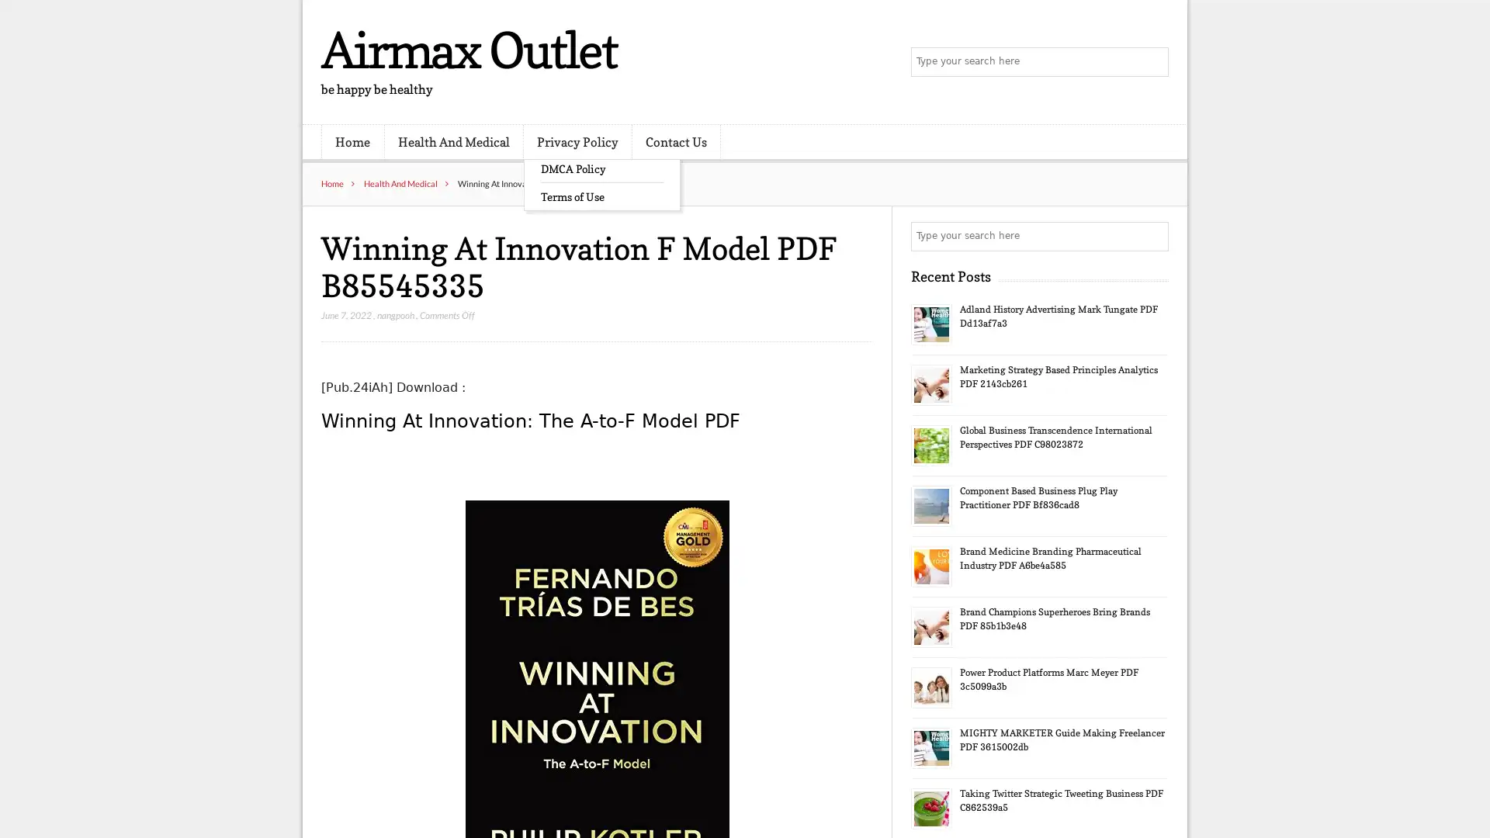 The image size is (1490, 838). I want to click on Search, so click(1152, 236).